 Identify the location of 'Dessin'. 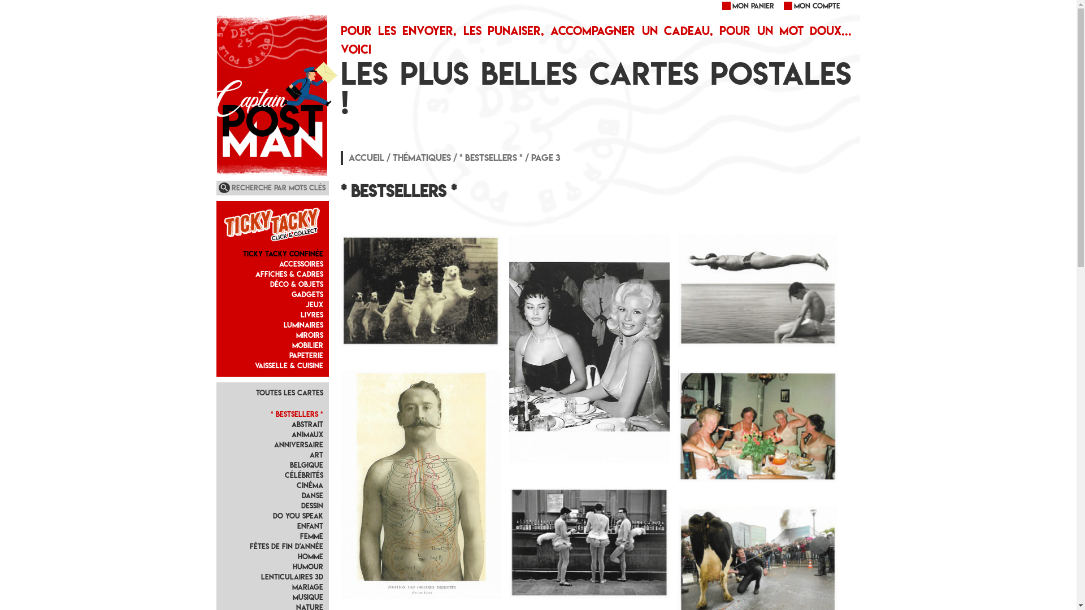
(312, 505).